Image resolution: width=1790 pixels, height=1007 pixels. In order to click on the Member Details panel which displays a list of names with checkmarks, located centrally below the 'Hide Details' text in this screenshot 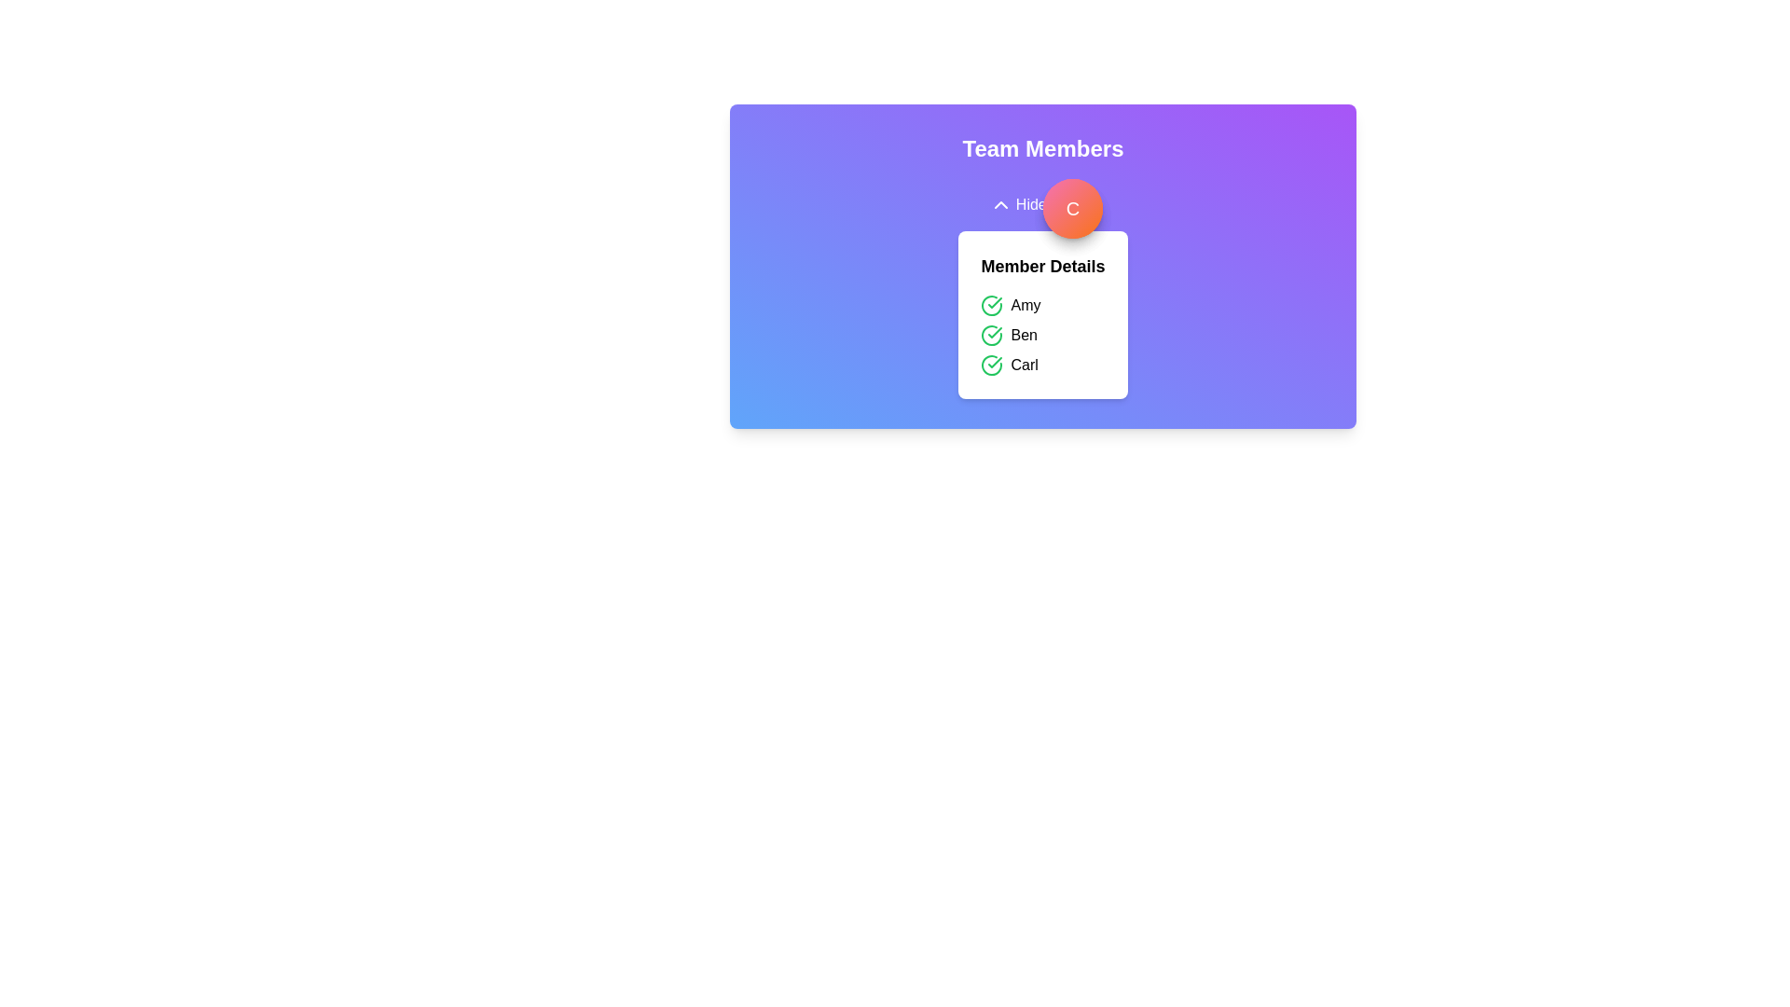, I will do `click(1041, 314)`.